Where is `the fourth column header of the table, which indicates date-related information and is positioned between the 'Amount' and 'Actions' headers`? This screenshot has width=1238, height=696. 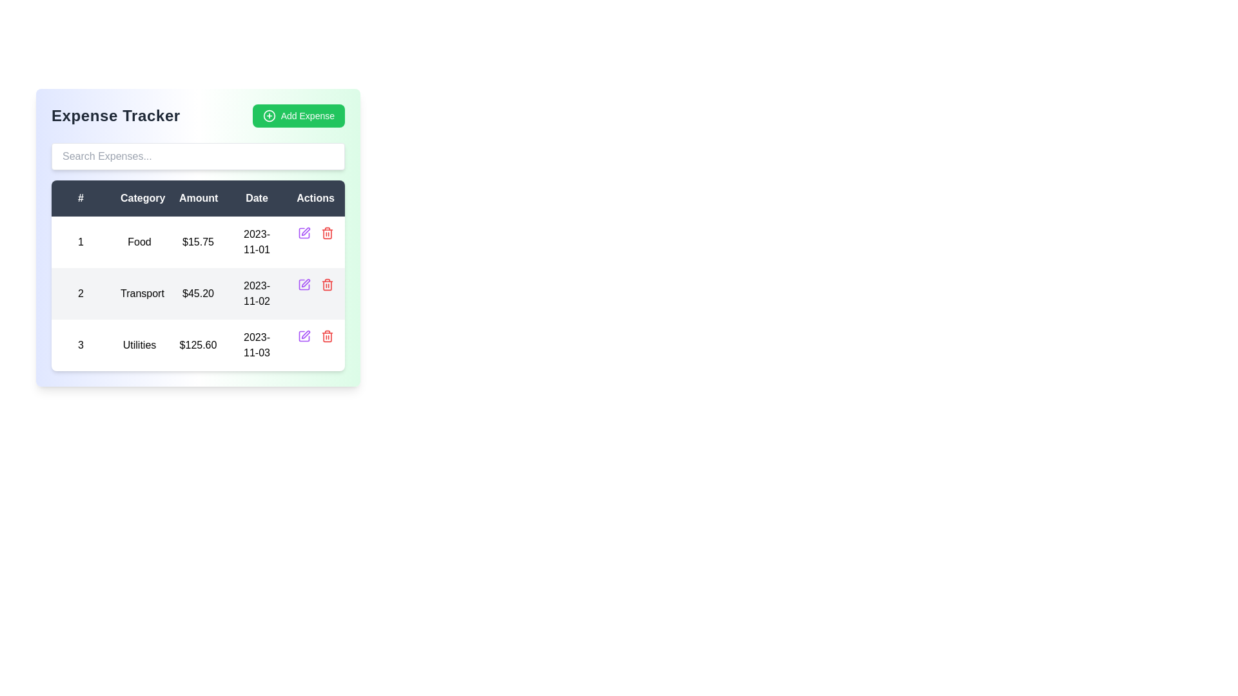 the fourth column header of the table, which indicates date-related information and is positioned between the 'Amount' and 'Actions' headers is located at coordinates (257, 198).